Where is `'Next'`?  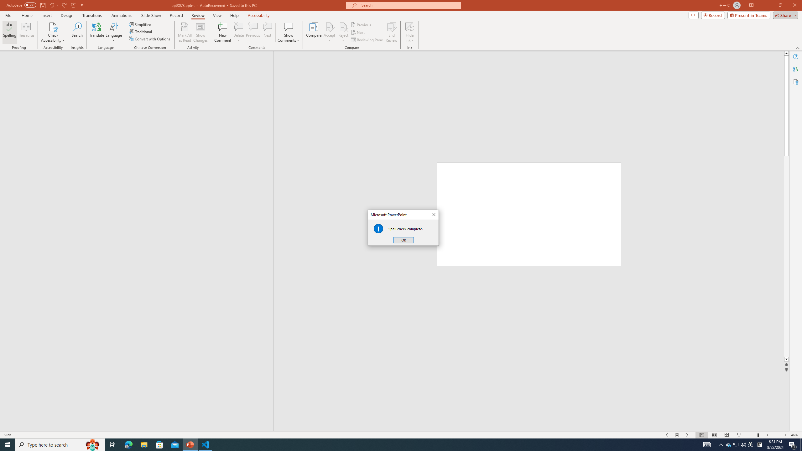 'Next' is located at coordinates (358, 32).